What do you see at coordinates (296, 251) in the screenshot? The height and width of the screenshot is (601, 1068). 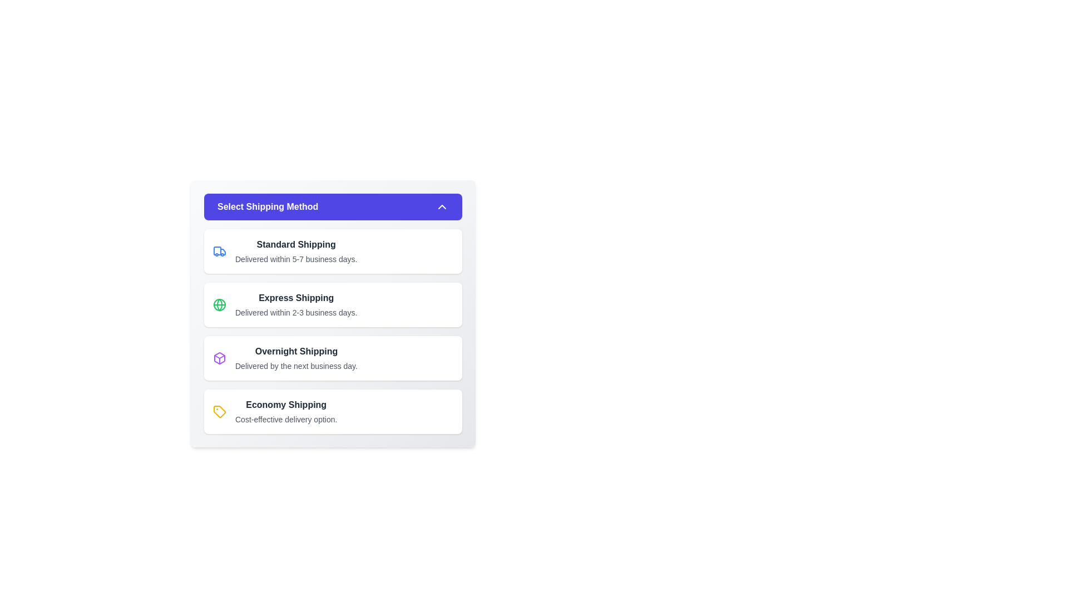 I see `the 'Standard Shipping' textual information block` at bounding box center [296, 251].